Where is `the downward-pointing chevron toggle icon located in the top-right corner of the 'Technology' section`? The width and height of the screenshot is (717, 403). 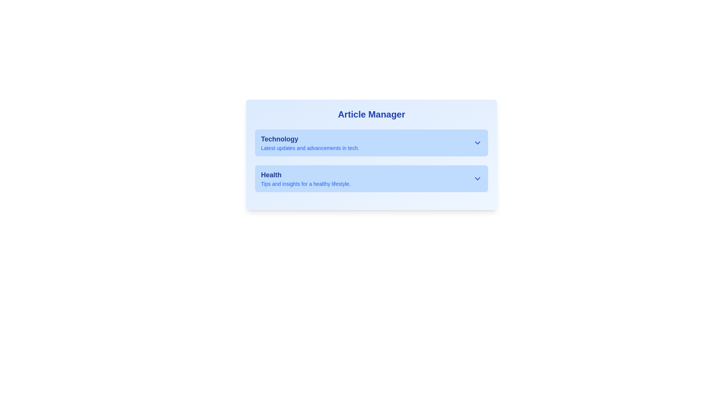 the downward-pointing chevron toggle icon located in the top-right corner of the 'Technology' section is located at coordinates (477, 143).